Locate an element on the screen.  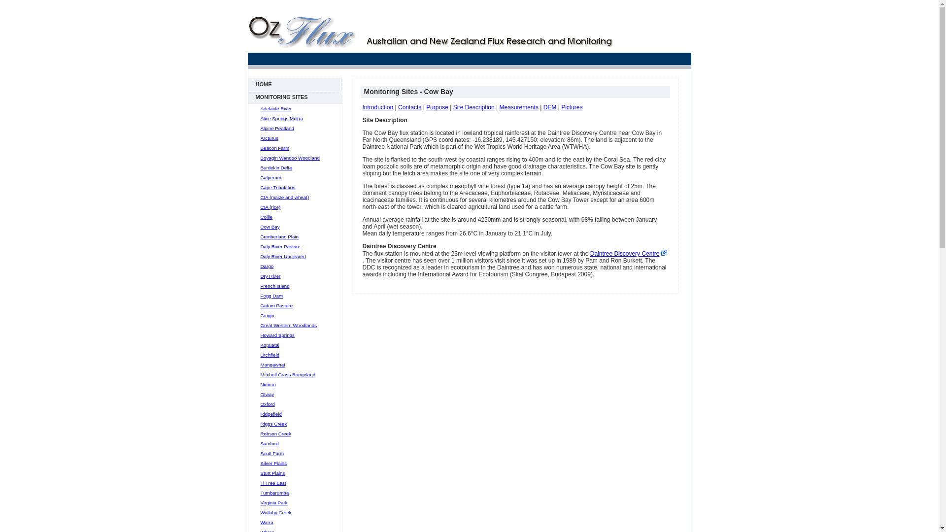
'Howard Springs' is located at coordinates (276, 334).